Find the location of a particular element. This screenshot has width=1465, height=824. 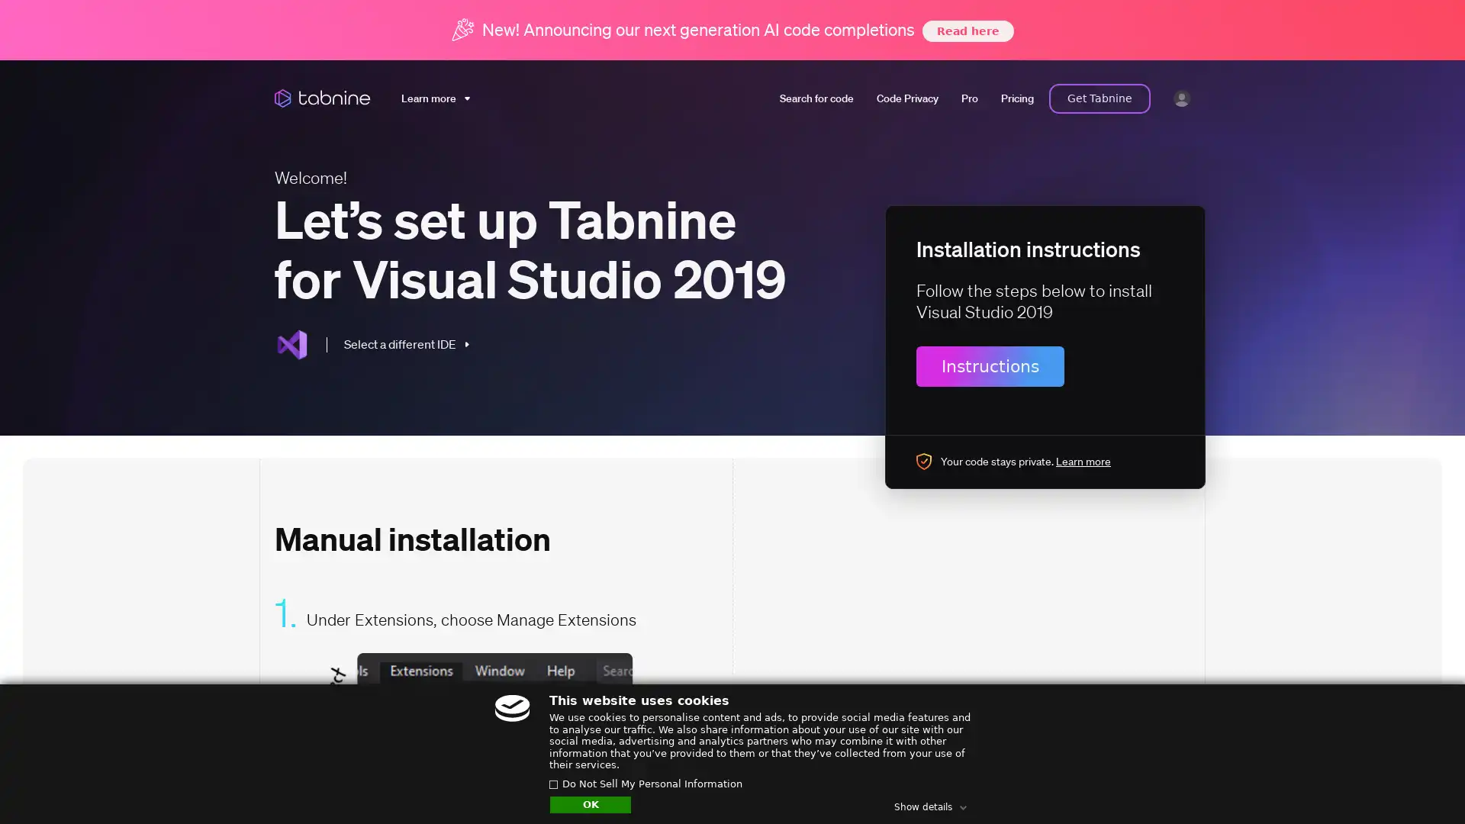

Instructions is located at coordinates (990, 365).